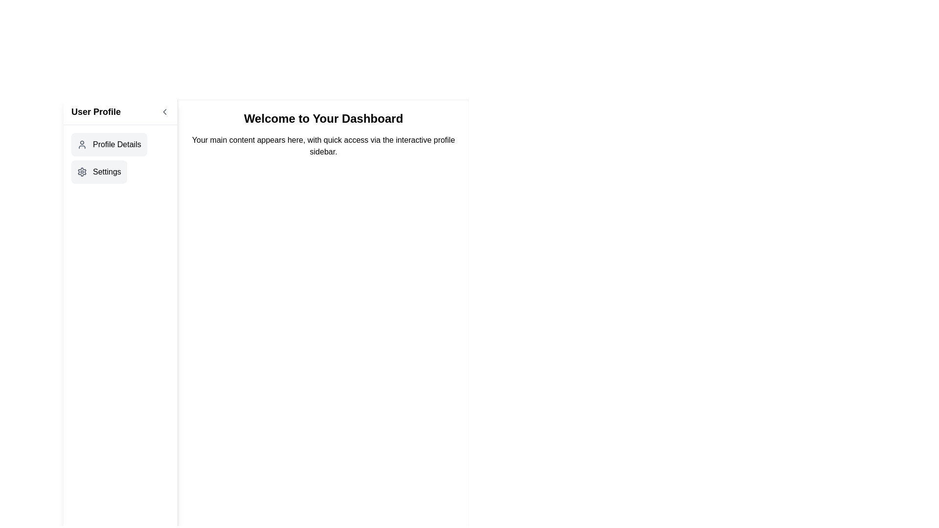  What do you see at coordinates (165, 111) in the screenshot?
I see `the leftward-pointing chevron button located in the header section next to the 'User Profile' text` at bounding box center [165, 111].